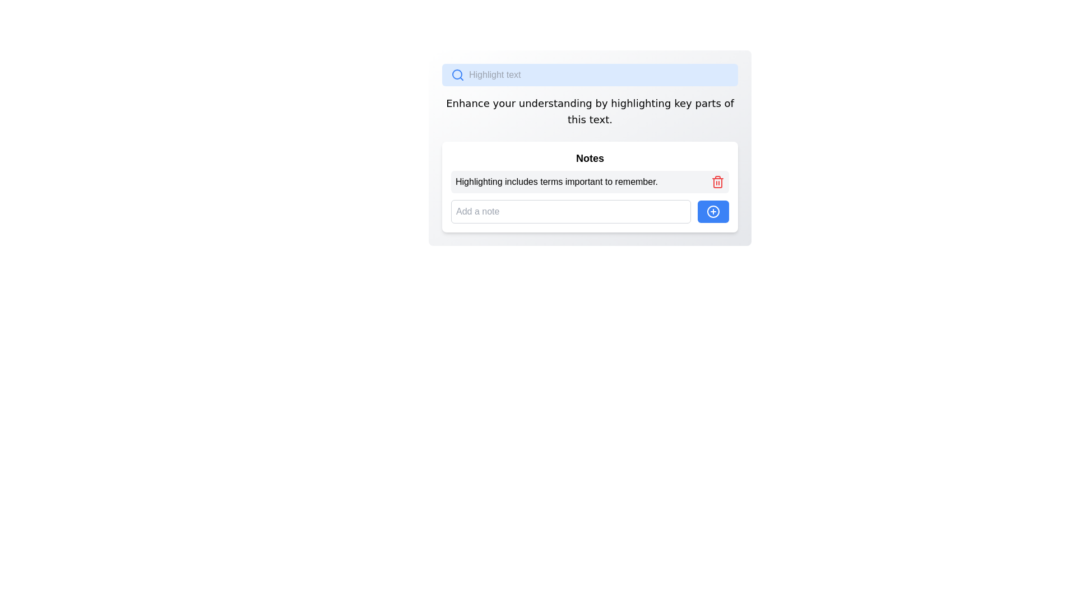 The image size is (1076, 605). I want to click on the text marker or cursor positioned between 'g' and 'k' in the word 'highlighting' within the text section that reads 'Enhance your understanding by highlighting key parts of this text.', so click(672, 103).